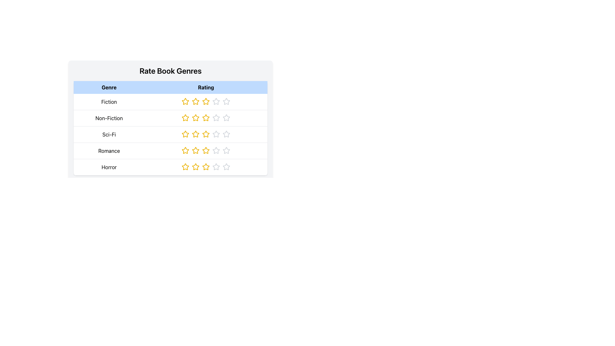 The height and width of the screenshot is (346, 615). What do you see at coordinates (226, 101) in the screenshot?
I see `the fifth star in the rating row for the 'Fiction' category to rate it` at bounding box center [226, 101].